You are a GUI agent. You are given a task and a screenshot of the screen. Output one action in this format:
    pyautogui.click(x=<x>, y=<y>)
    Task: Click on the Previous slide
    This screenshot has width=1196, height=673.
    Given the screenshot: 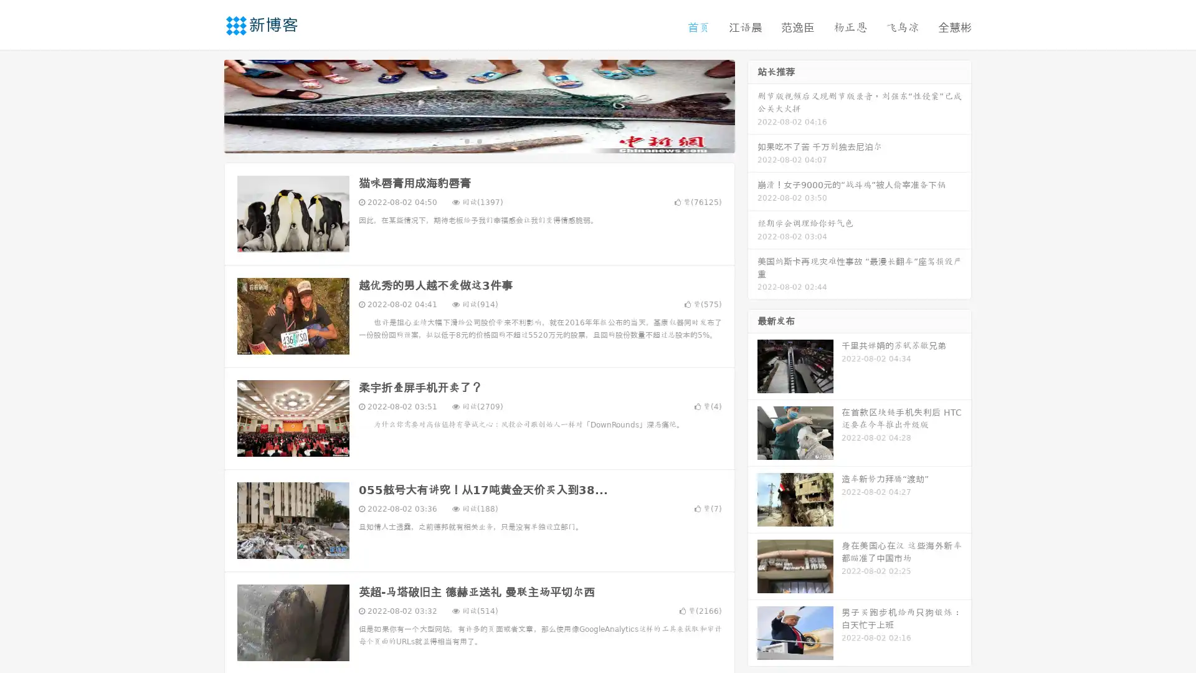 What is the action you would take?
    pyautogui.click(x=206, y=105)
    